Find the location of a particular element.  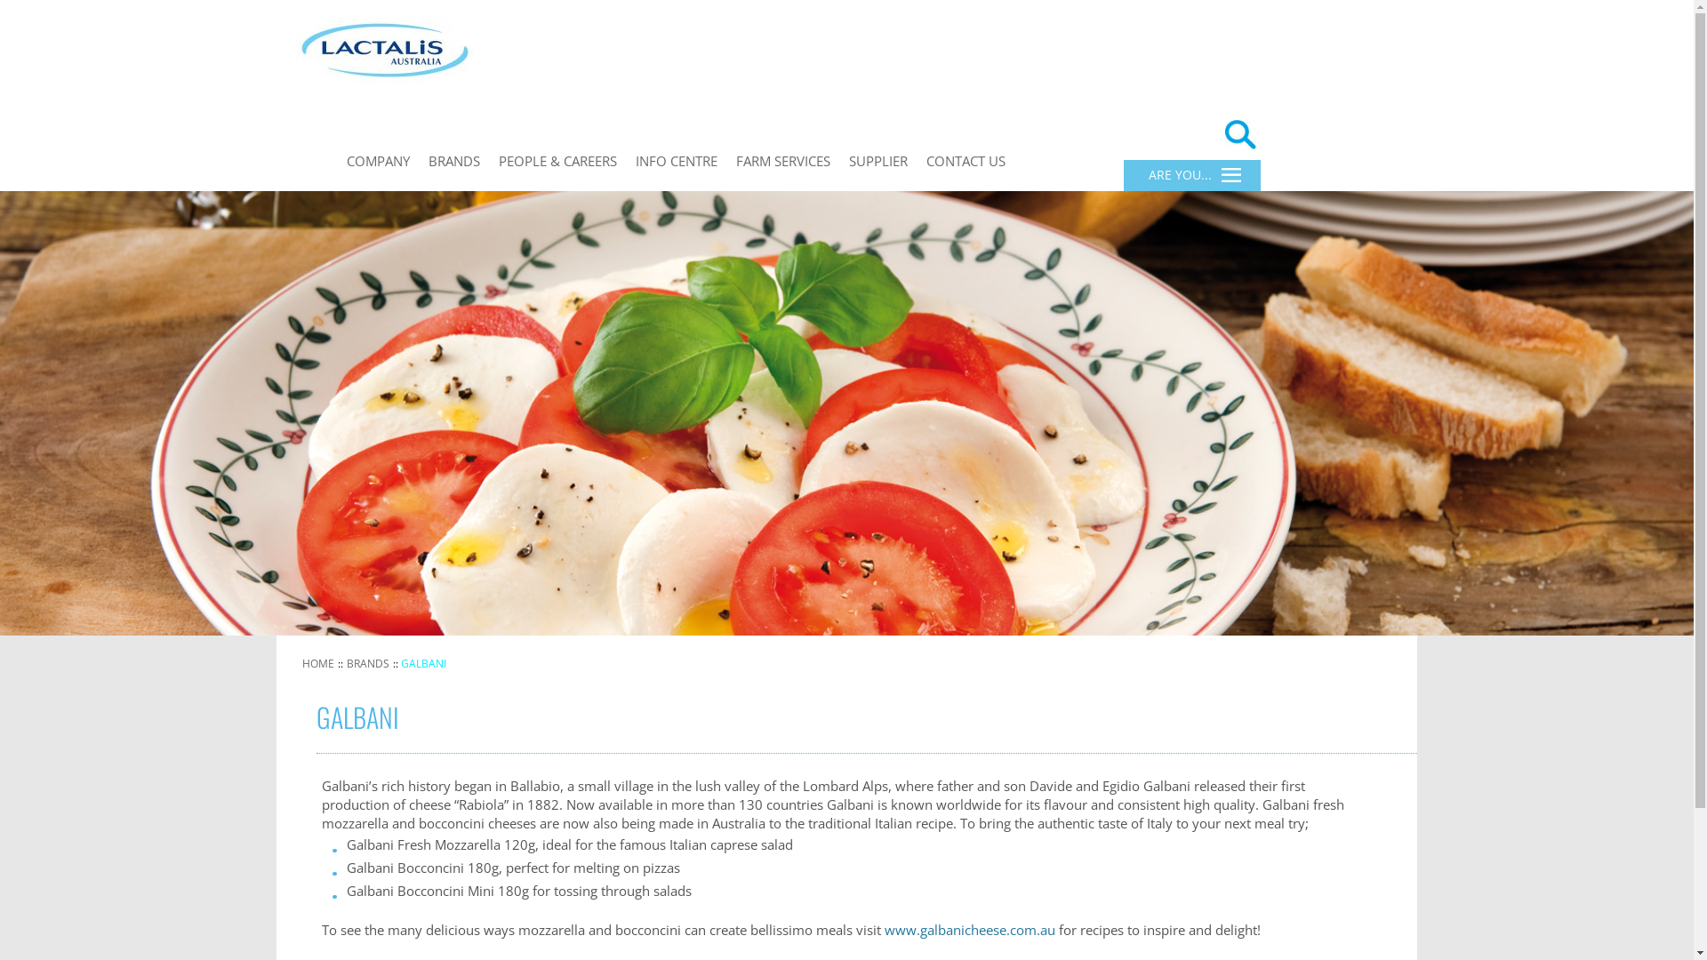

'GALBANI' is located at coordinates (423, 663).